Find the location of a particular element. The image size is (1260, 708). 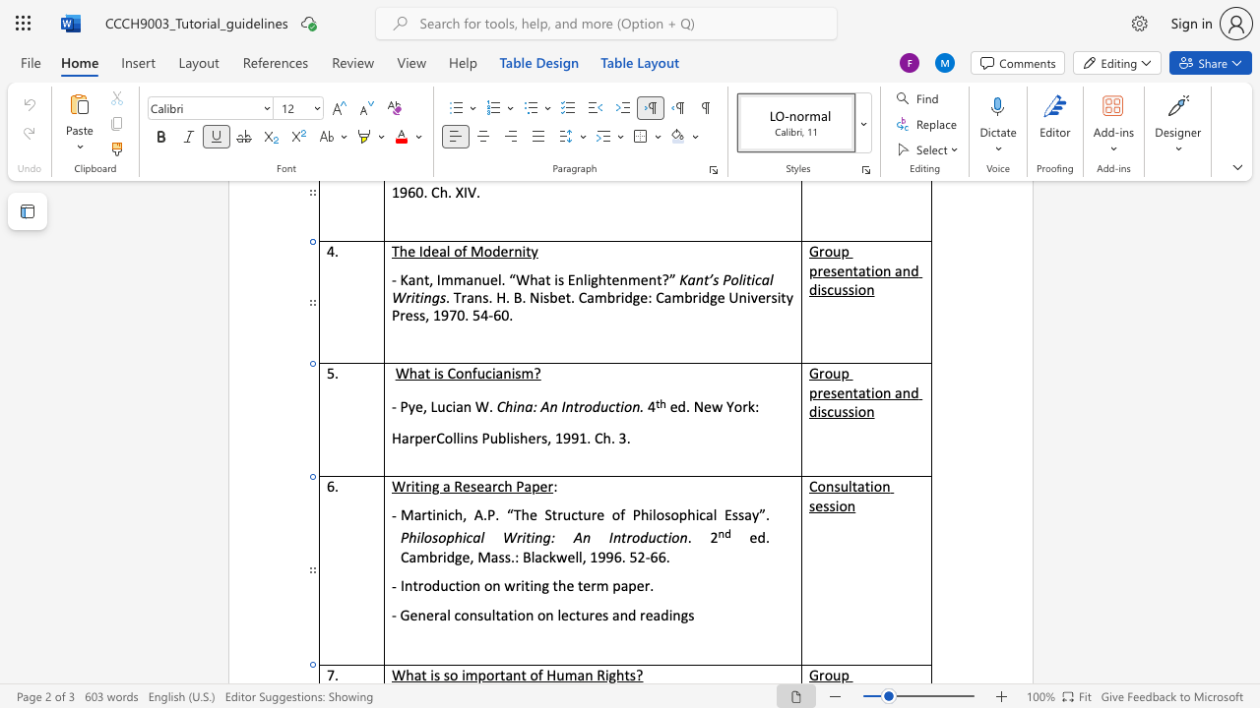

the 1th character "f" in the text is located at coordinates (474, 373).